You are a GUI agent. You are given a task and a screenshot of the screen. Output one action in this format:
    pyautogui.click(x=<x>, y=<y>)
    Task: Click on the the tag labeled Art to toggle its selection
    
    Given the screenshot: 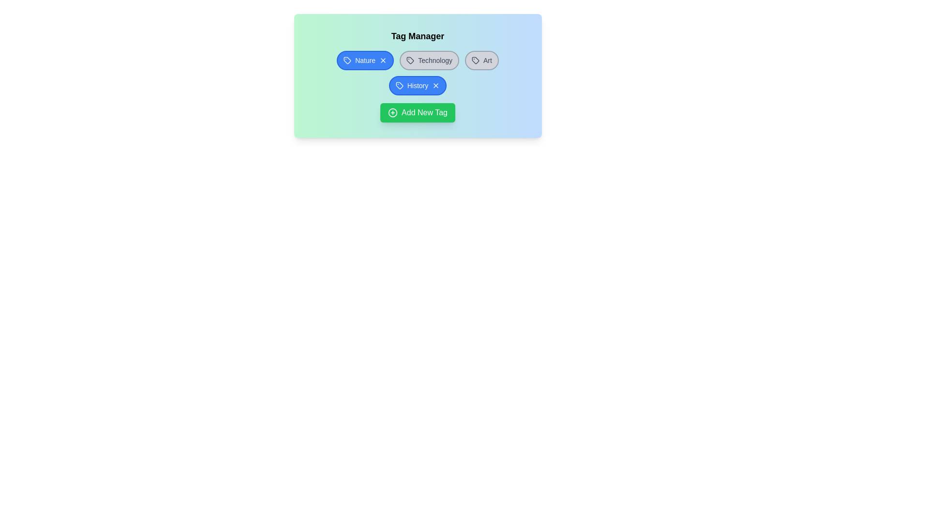 What is the action you would take?
    pyautogui.click(x=481, y=60)
    